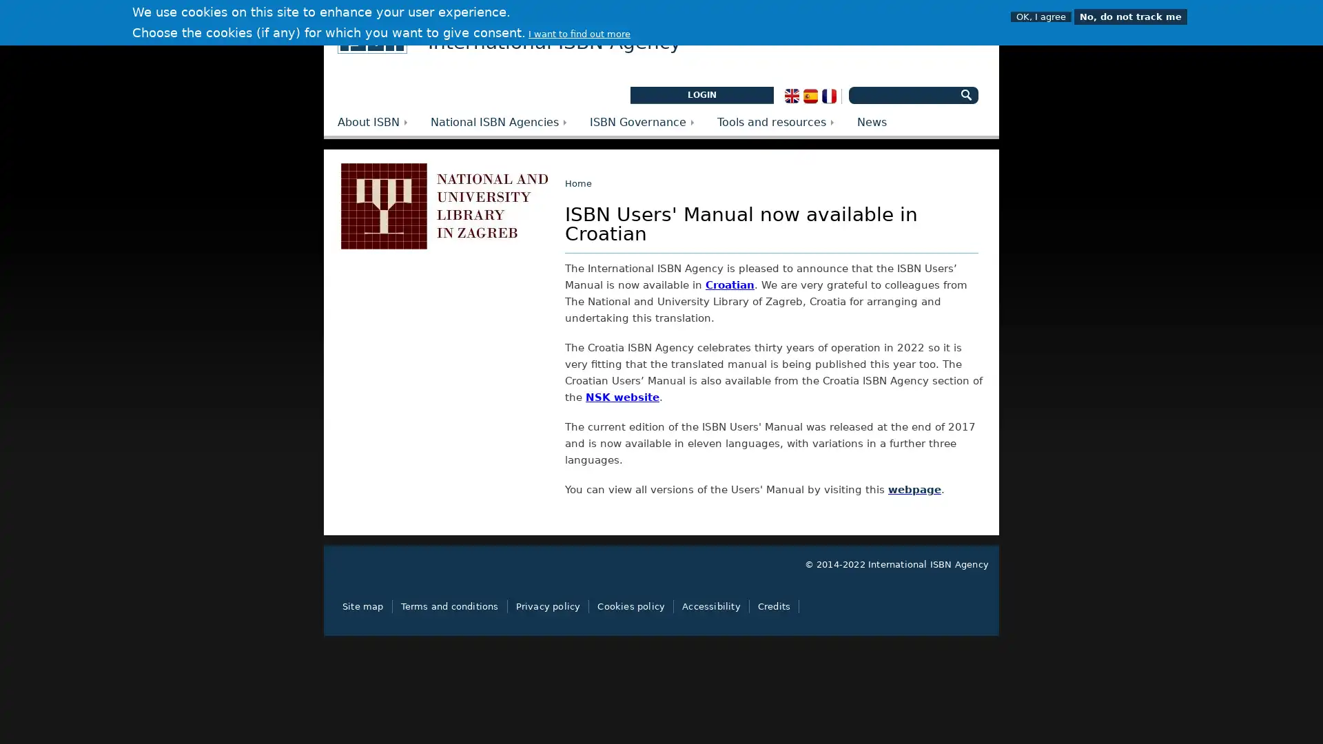 Image resolution: width=1323 pixels, height=744 pixels. What do you see at coordinates (945, 11) in the screenshot?
I see `ON` at bounding box center [945, 11].